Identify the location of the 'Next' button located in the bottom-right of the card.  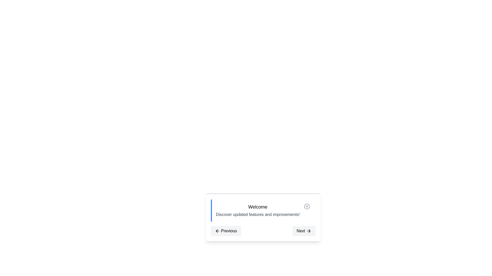
(304, 231).